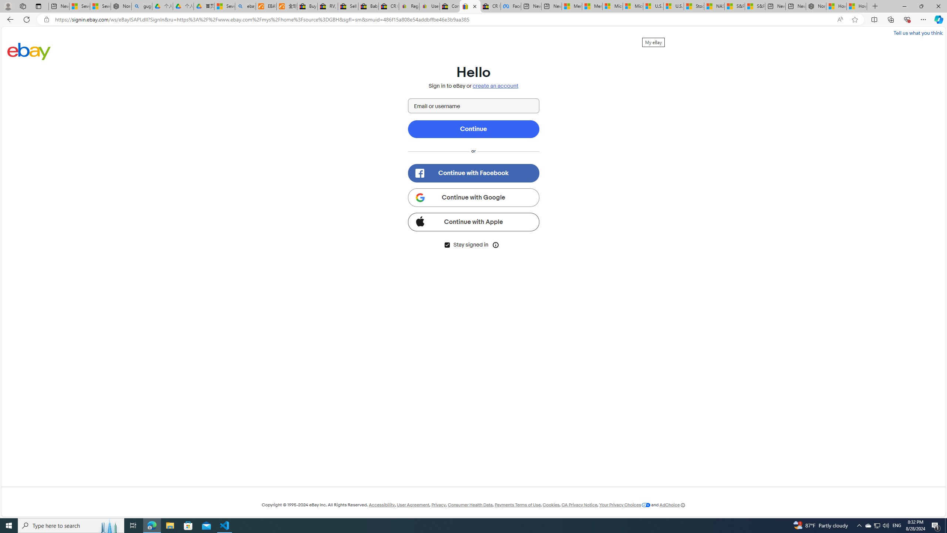 The height and width of the screenshot is (533, 947). What do you see at coordinates (473, 221) in the screenshot?
I see `'Continue with Apple'` at bounding box center [473, 221].